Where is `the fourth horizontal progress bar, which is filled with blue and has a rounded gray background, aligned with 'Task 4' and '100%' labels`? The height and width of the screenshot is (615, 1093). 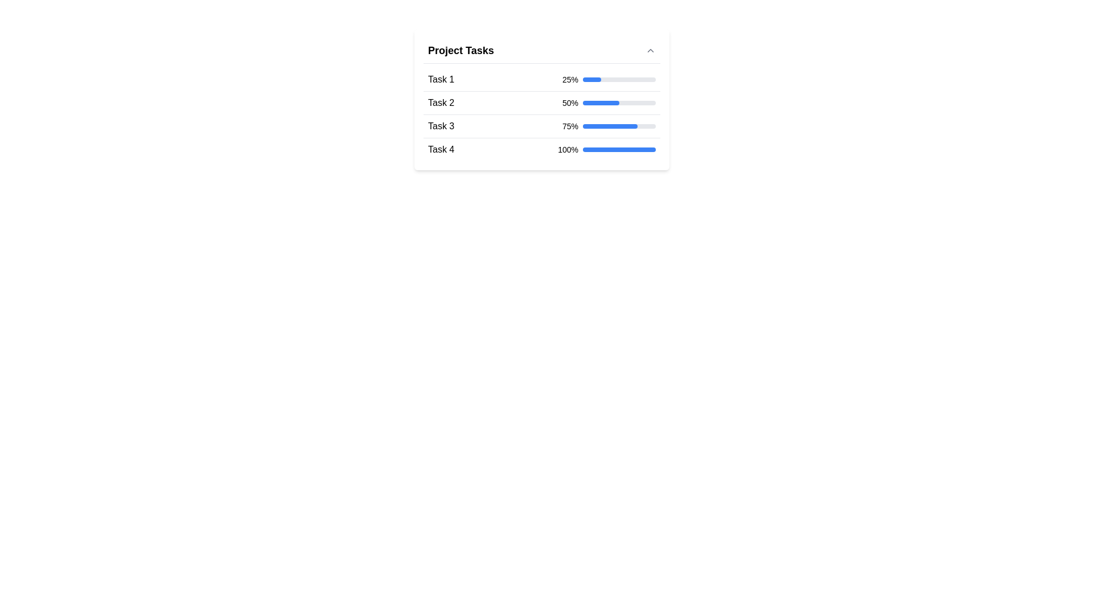
the fourth horizontal progress bar, which is filled with blue and has a rounded gray background, aligned with 'Task 4' and '100%' labels is located at coordinates (619, 149).